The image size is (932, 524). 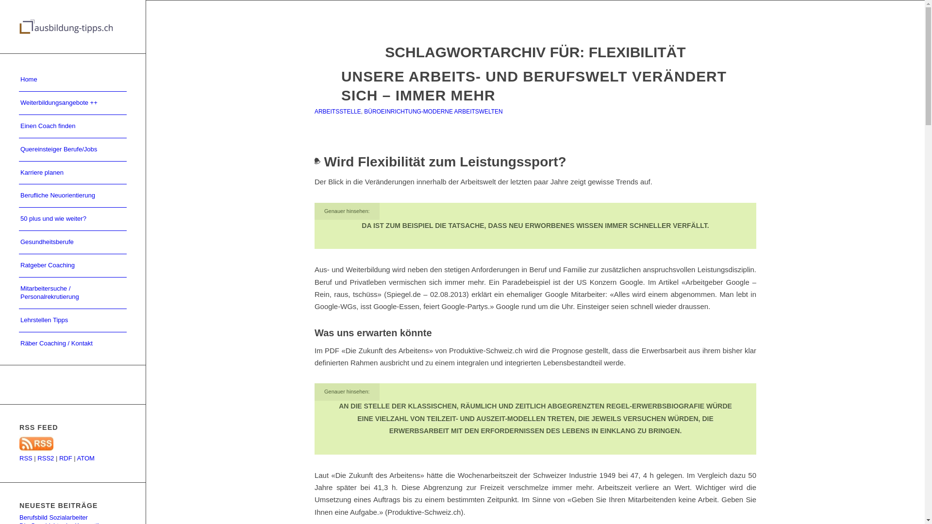 I want to click on '50 plus und wie weiter?', so click(x=72, y=219).